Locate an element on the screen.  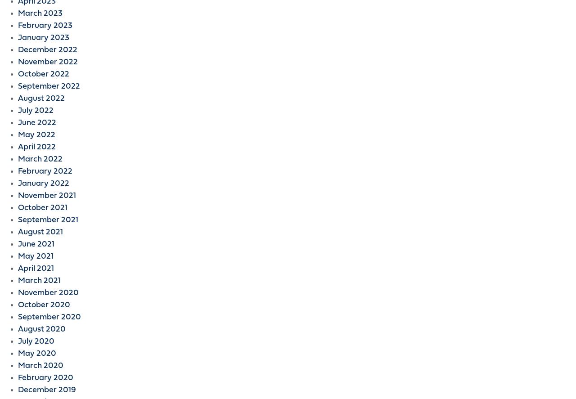
'August 2021' is located at coordinates (40, 232).